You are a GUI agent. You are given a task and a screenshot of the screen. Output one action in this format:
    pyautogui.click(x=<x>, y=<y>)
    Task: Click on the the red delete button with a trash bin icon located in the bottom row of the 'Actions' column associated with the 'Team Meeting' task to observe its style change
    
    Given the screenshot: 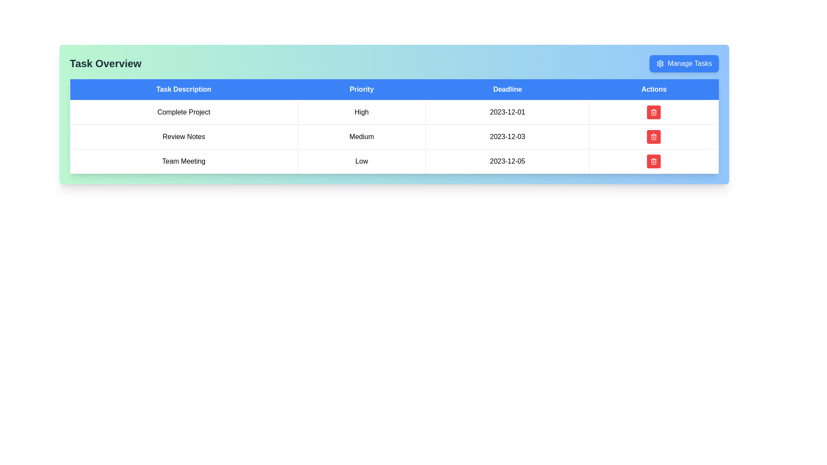 What is the action you would take?
    pyautogui.click(x=654, y=161)
    